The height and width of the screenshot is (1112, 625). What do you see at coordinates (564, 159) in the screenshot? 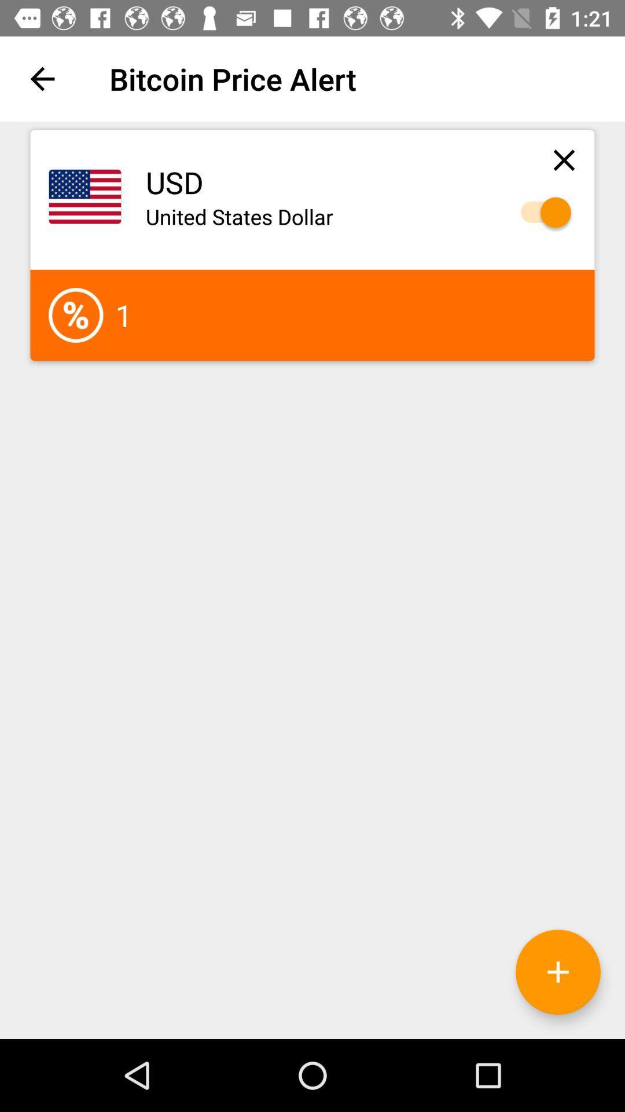
I see `item to the right of the usd icon` at bounding box center [564, 159].